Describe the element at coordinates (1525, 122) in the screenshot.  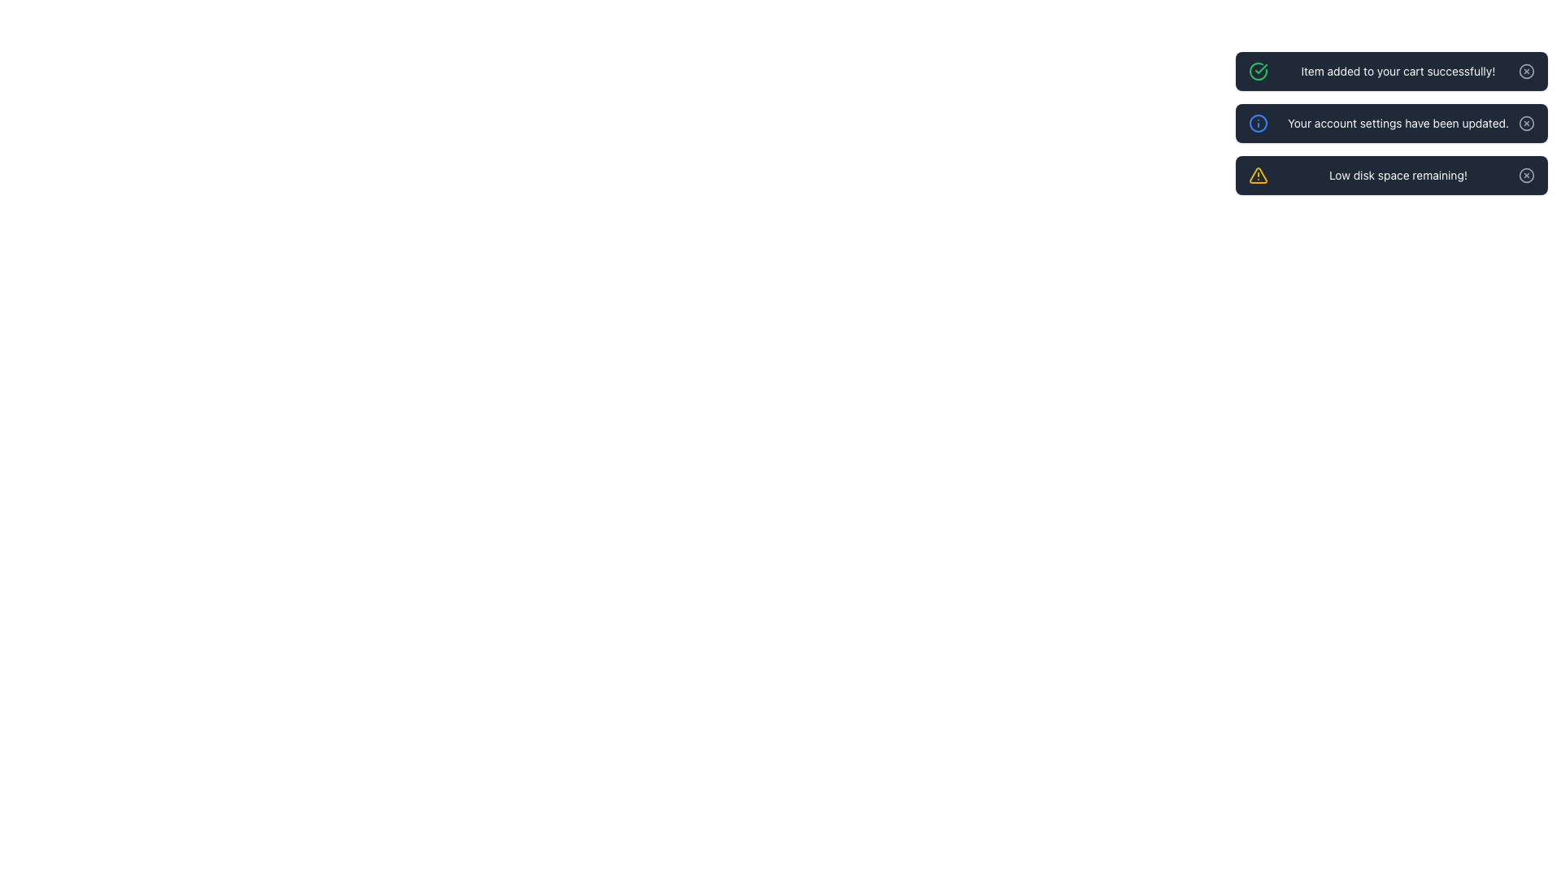
I see `the close button on the notification labeled 'Your account settings have been updated'` at that location.